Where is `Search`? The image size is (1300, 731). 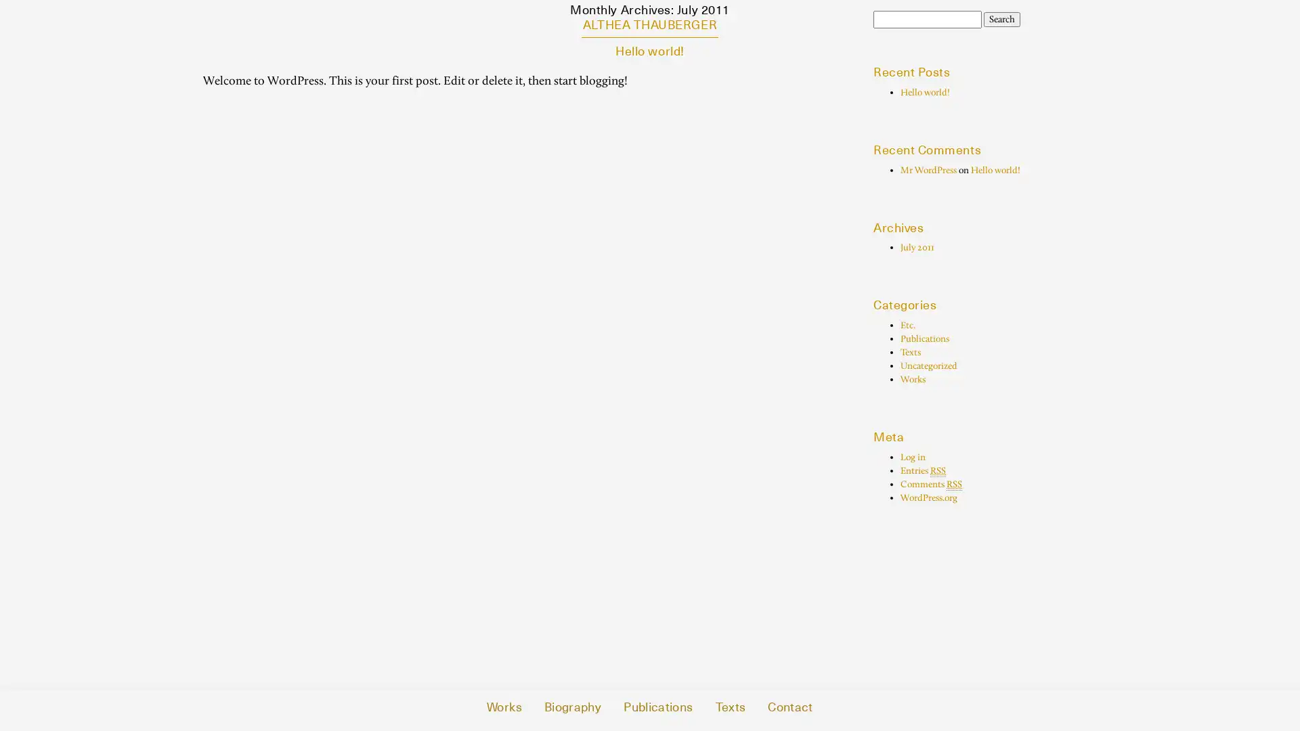
Search is located at coordinates (1001, 20).